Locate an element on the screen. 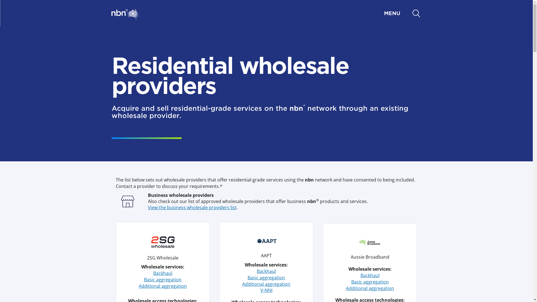 This screenshot has width=537, height=302. 'MENU' is located at coordinates (272, 13).